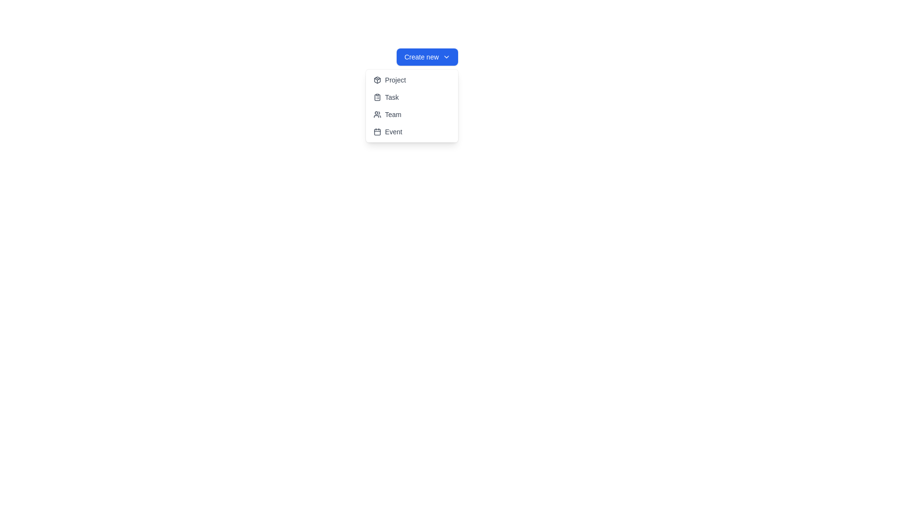 Image resolution: width=922 pixels, height=518 pixels. Describe the element at coordinates (376, 97) in the screenshot. I see `the decorative graphic icon located in the second row of the menu, to the left of the text 'Task'` at that location.